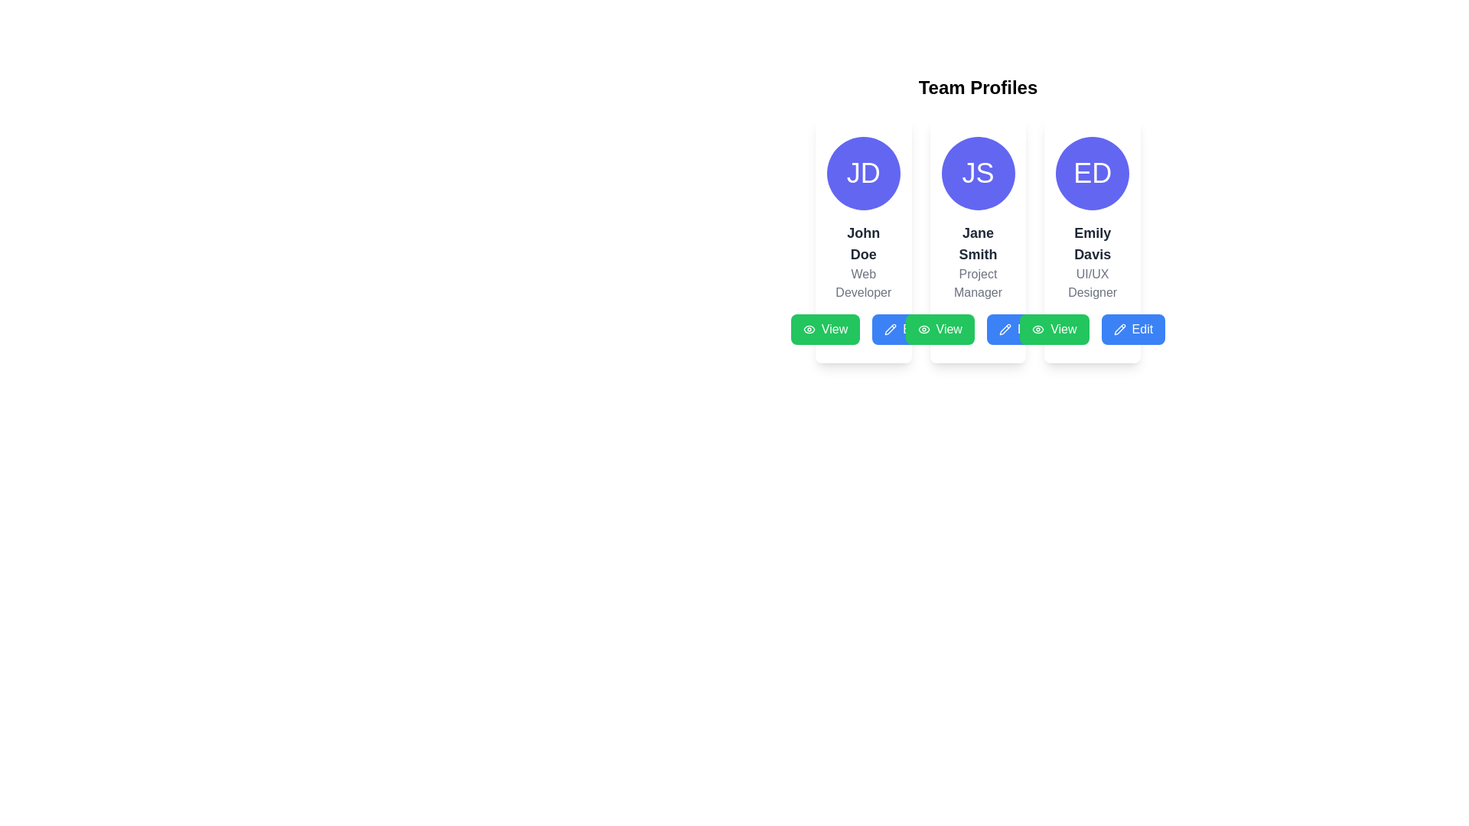 Image resolution: width=1469 pixels, height=826 pixels. What do you see at coordinates (863, 173) in the screenshot?
I see `the Profile badge featuring a circular design with a purple background and white letters 'JD'` at bounding box center [863, 173].